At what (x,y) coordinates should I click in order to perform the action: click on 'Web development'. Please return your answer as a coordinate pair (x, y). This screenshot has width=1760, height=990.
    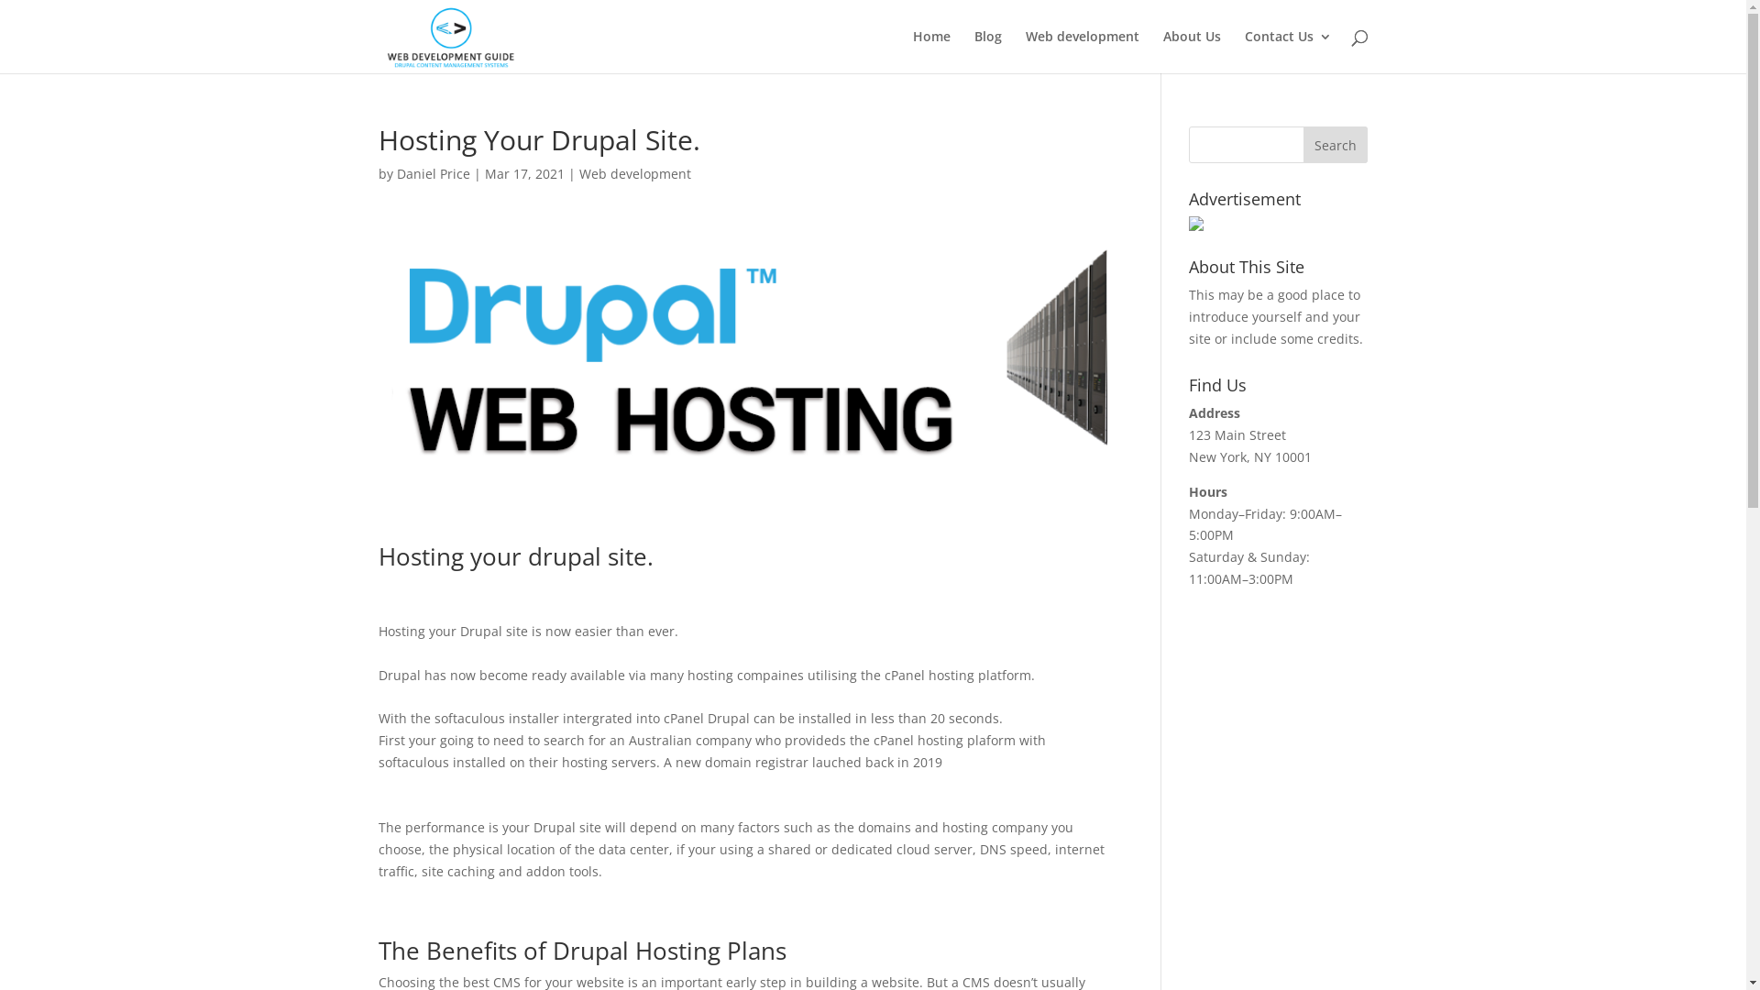
    Looking at the image, I should click on (1082, 50).